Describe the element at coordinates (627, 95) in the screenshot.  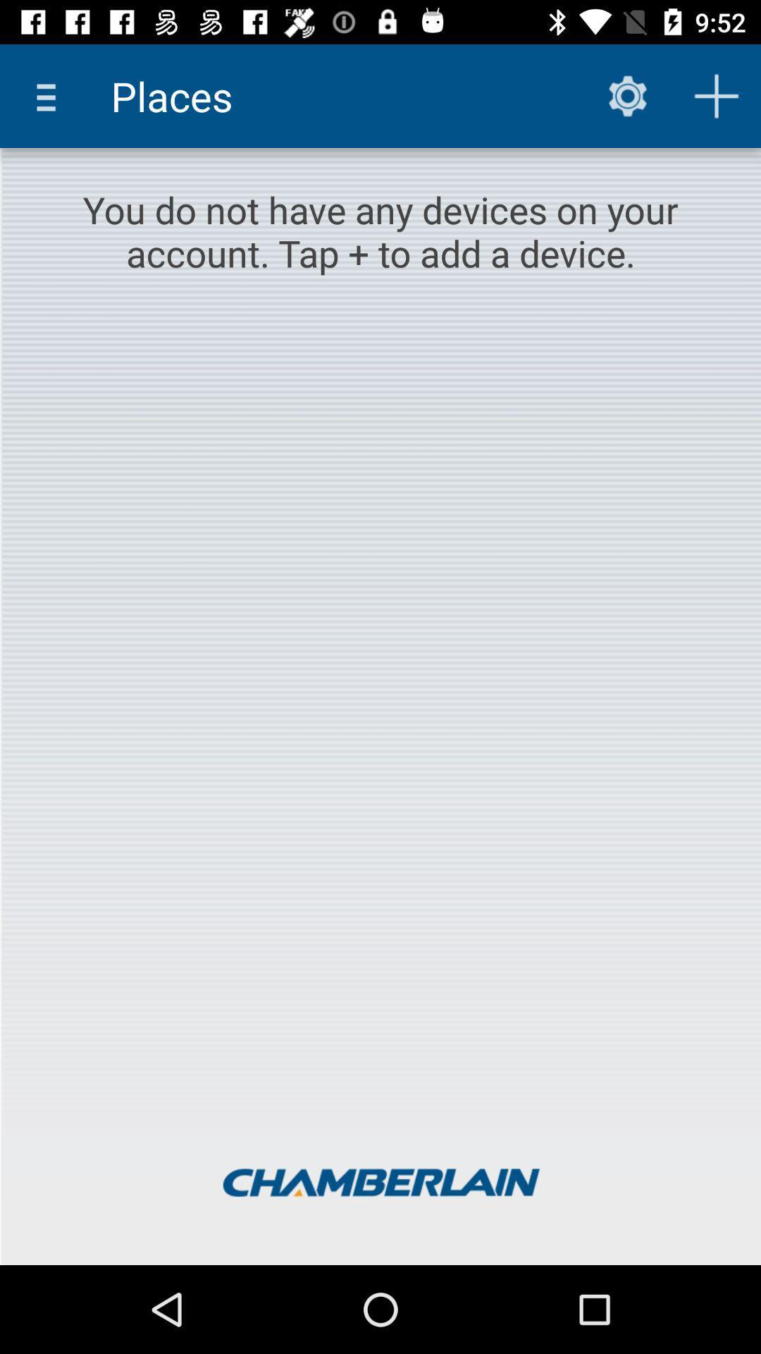
I see `item to the right of places` at that location.